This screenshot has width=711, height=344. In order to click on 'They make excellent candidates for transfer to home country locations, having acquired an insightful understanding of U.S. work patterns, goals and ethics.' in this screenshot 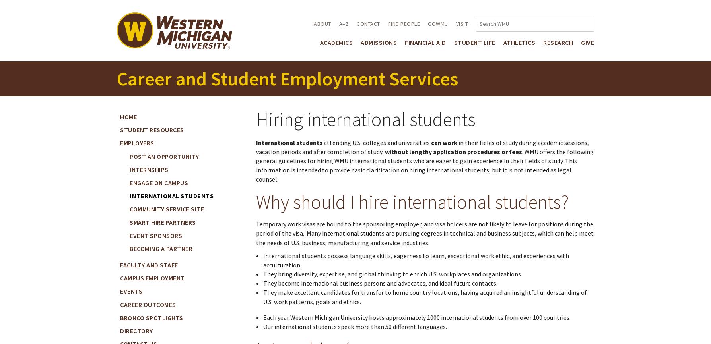, I will do `click(424, 296)`.